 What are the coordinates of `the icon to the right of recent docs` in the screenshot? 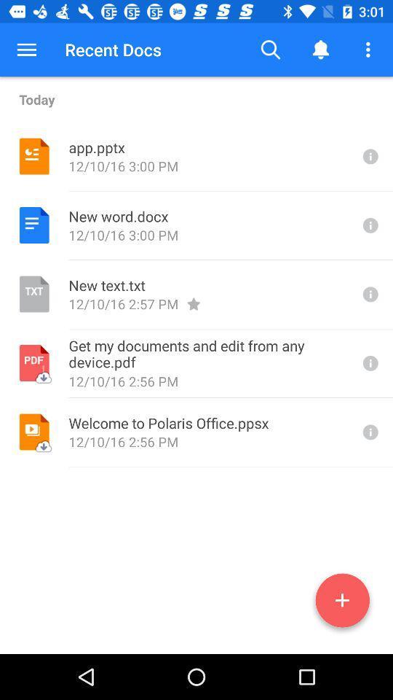 It's located at (271, 50).